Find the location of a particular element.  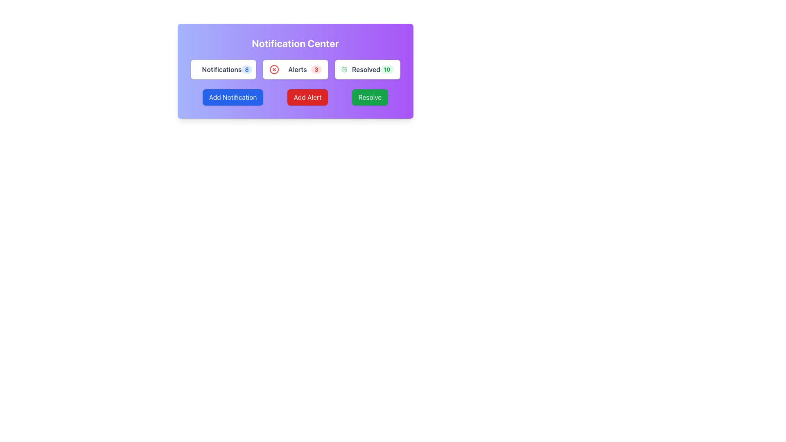

the circular green outlined icon with a tick mark, located next to the 'Resolved 10' label in the notification center is located at coordinates (344, 69).